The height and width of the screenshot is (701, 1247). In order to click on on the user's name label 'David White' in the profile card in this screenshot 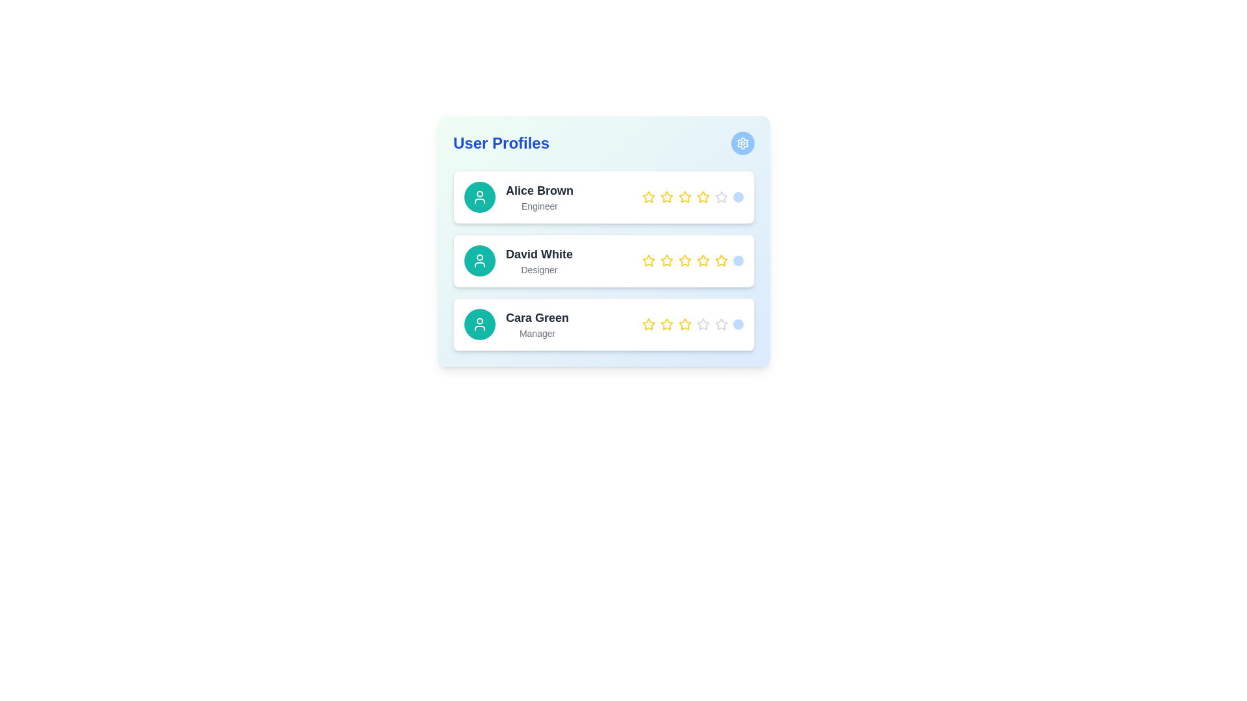, I will do `click(539, 254)`.